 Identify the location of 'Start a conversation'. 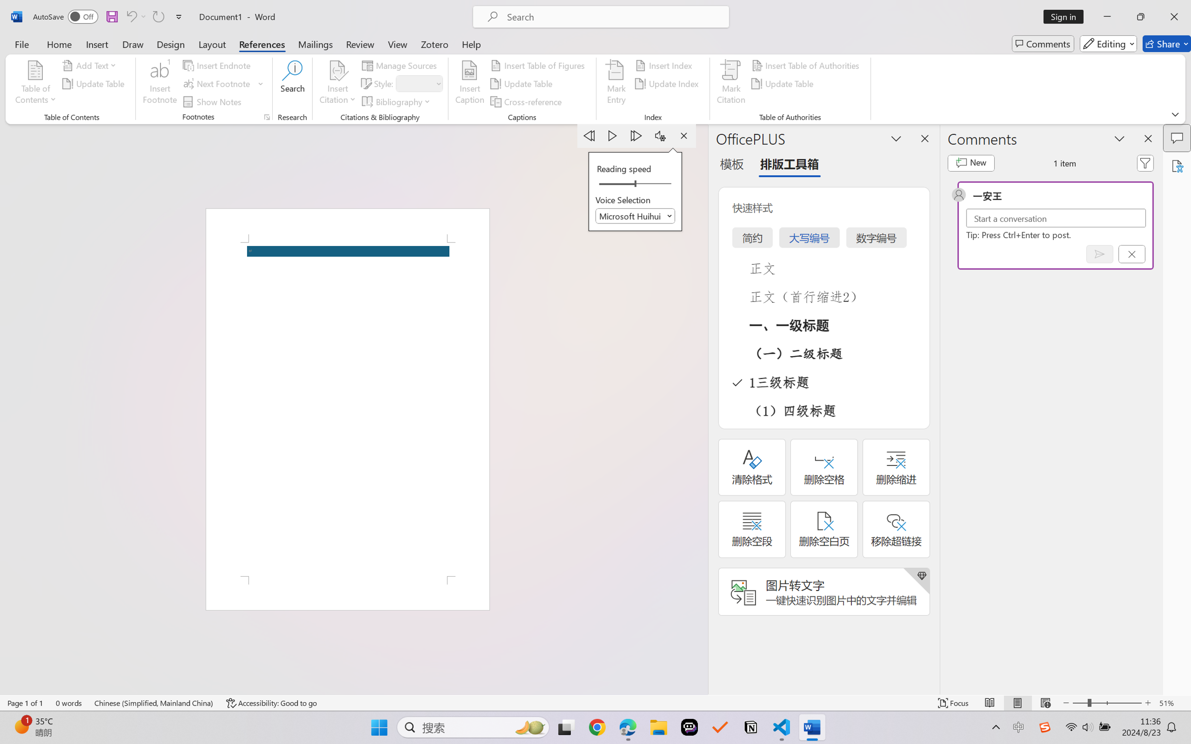
(1056, 217).